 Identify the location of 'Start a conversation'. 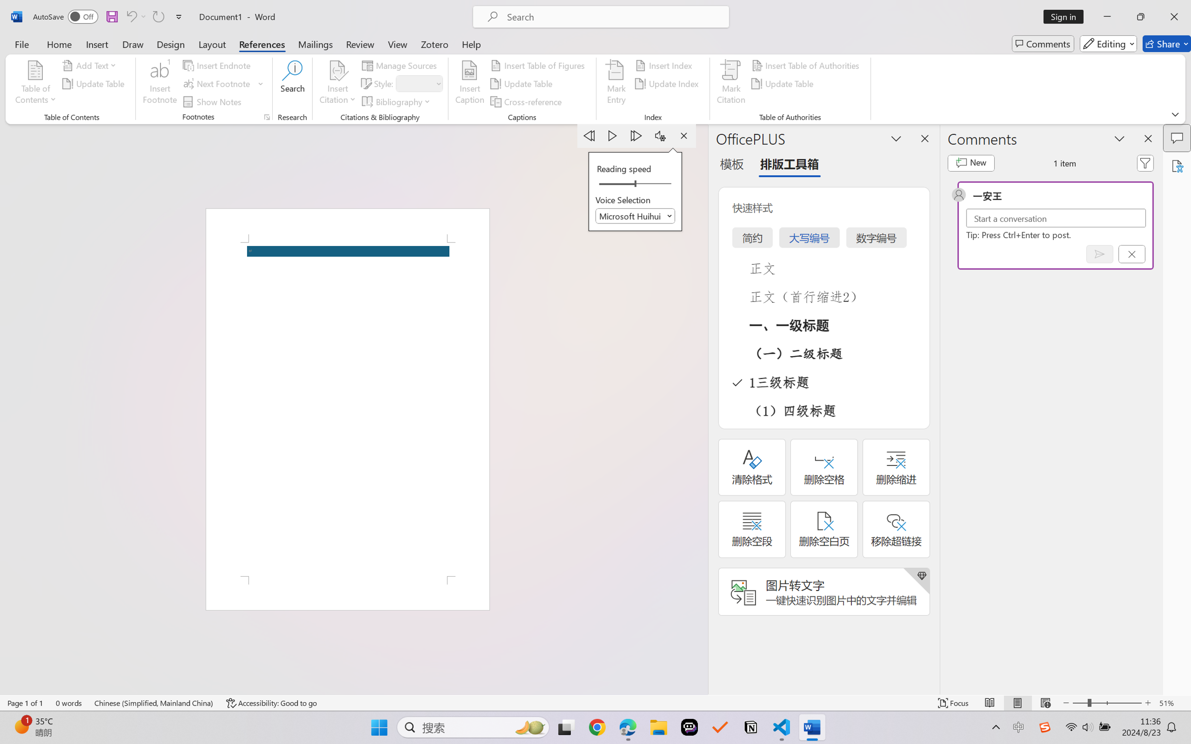
(1056, 217).